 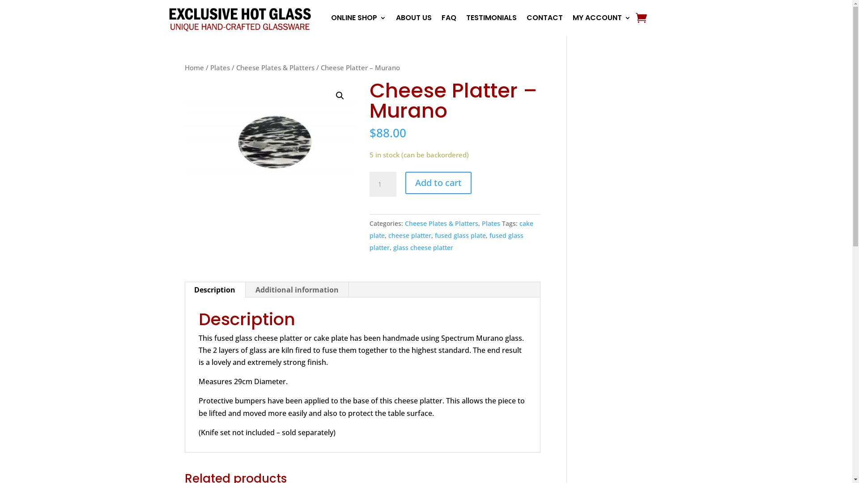 I want to click on 'FAQ', so click(x=442, y=17).